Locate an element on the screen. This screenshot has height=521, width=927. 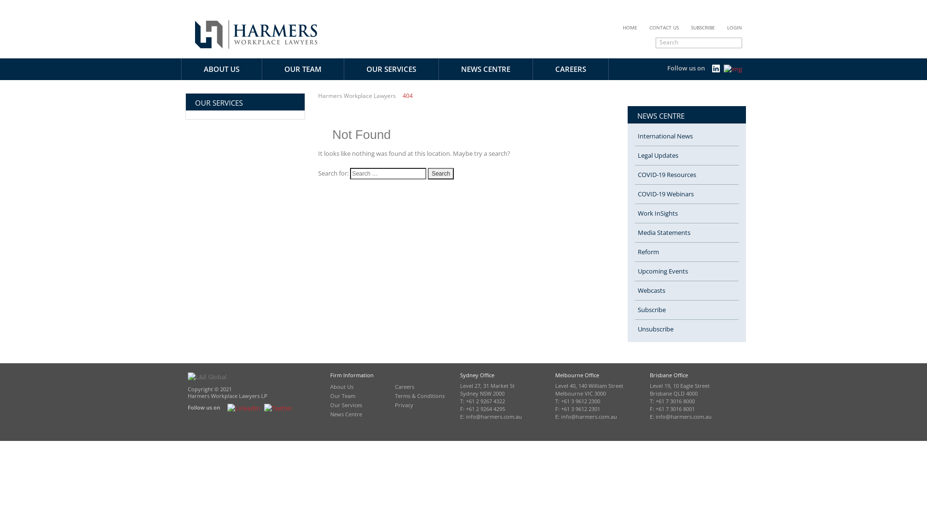
'Legal Updates' is located at coordinates (686, 155).